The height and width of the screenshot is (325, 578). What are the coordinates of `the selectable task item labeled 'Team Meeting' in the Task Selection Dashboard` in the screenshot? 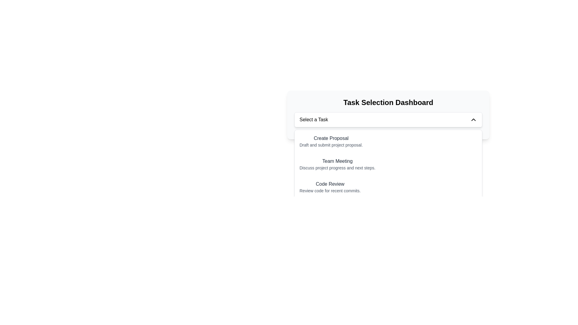 It's located at (337, 164).